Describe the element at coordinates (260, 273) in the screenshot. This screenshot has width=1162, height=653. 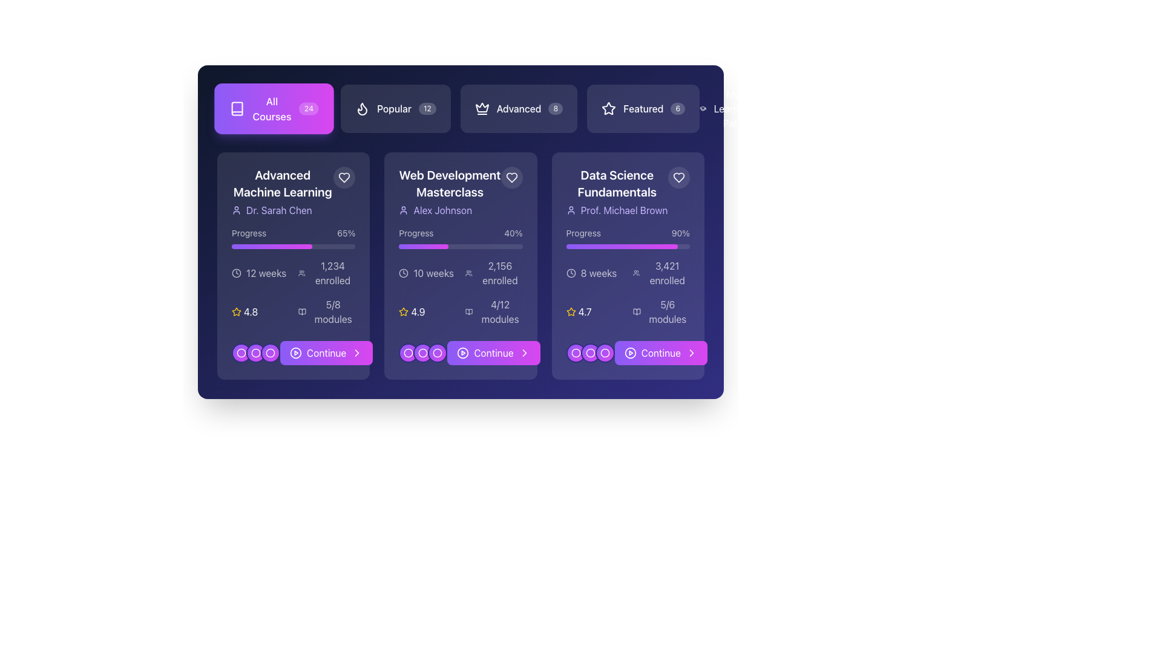
I see `the descriptive label indicating the duration of the associated course in the 'Advanced Machine Learning' section of the leftmost card` at that location.